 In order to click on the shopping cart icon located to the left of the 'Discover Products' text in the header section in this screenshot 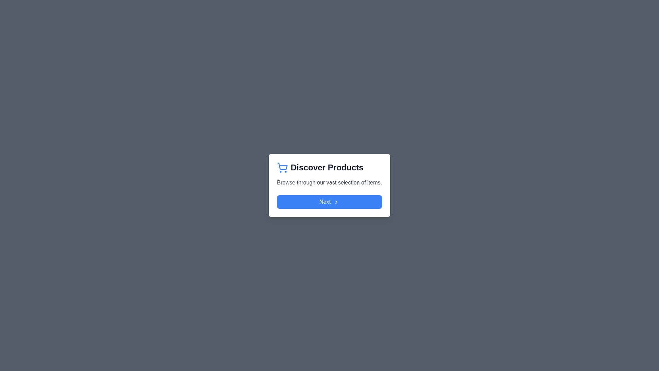, I will do `click(282, 168)`.